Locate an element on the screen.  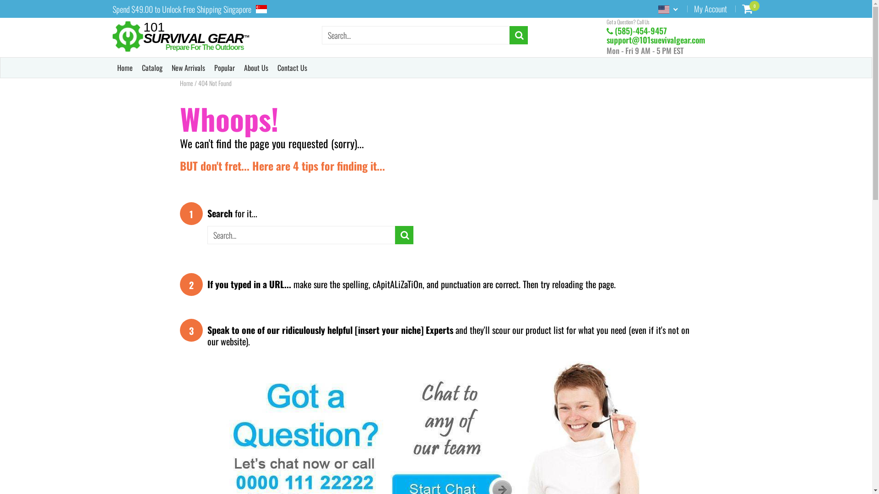
'Catalog' is located at coordinates (152, 67).